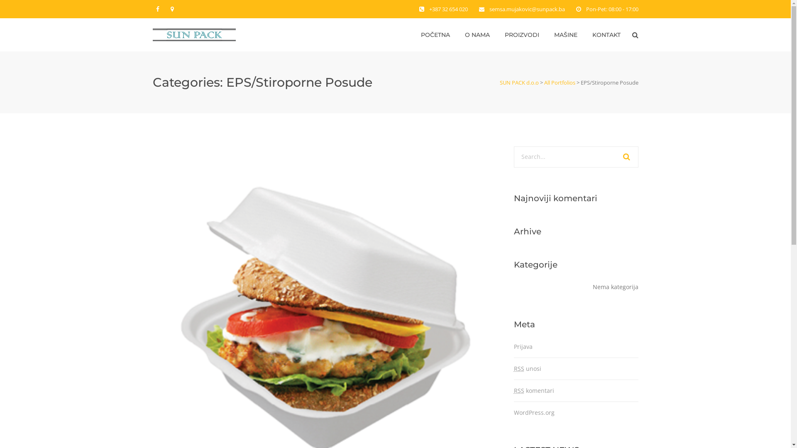  Describe the element at coordinates (527, 368) in the screenshot. I see `'RSS unosi'` at that location.